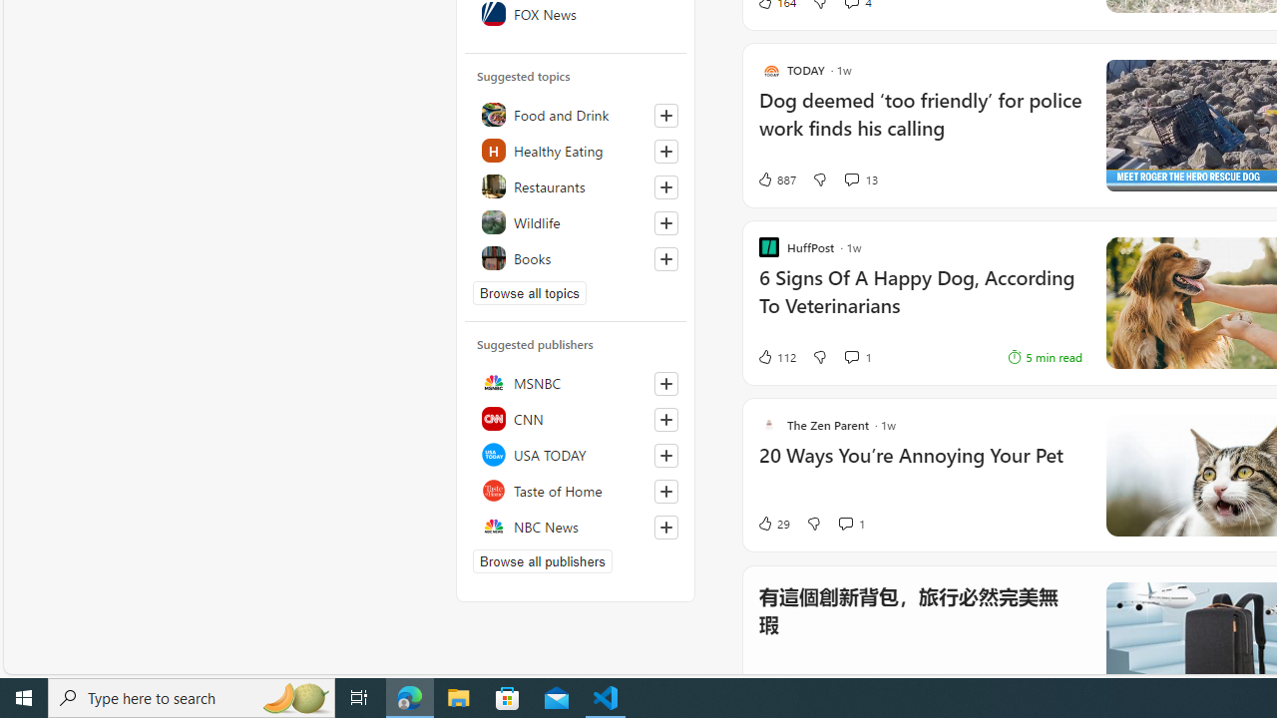 The image size is (1277, 718). I want to click on 'Follow this topic', so click(666, 257).